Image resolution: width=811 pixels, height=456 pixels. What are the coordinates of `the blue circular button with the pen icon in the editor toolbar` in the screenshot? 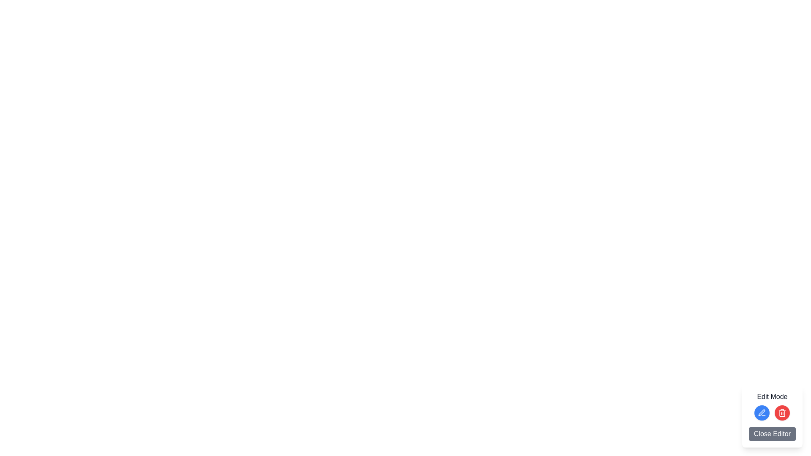 It's located at (772, 416).